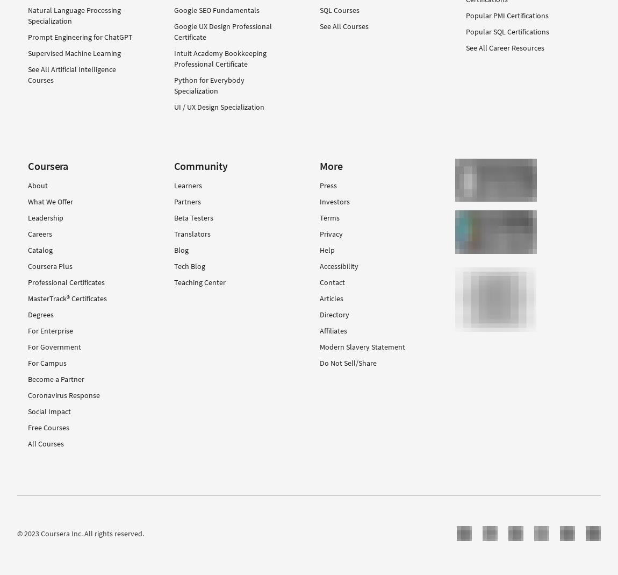 The image size is (618, 575). Describe the element at coordinates (222, 31) in the screenshot. I see `'Google UX Design Professional Certificate'` at that location.